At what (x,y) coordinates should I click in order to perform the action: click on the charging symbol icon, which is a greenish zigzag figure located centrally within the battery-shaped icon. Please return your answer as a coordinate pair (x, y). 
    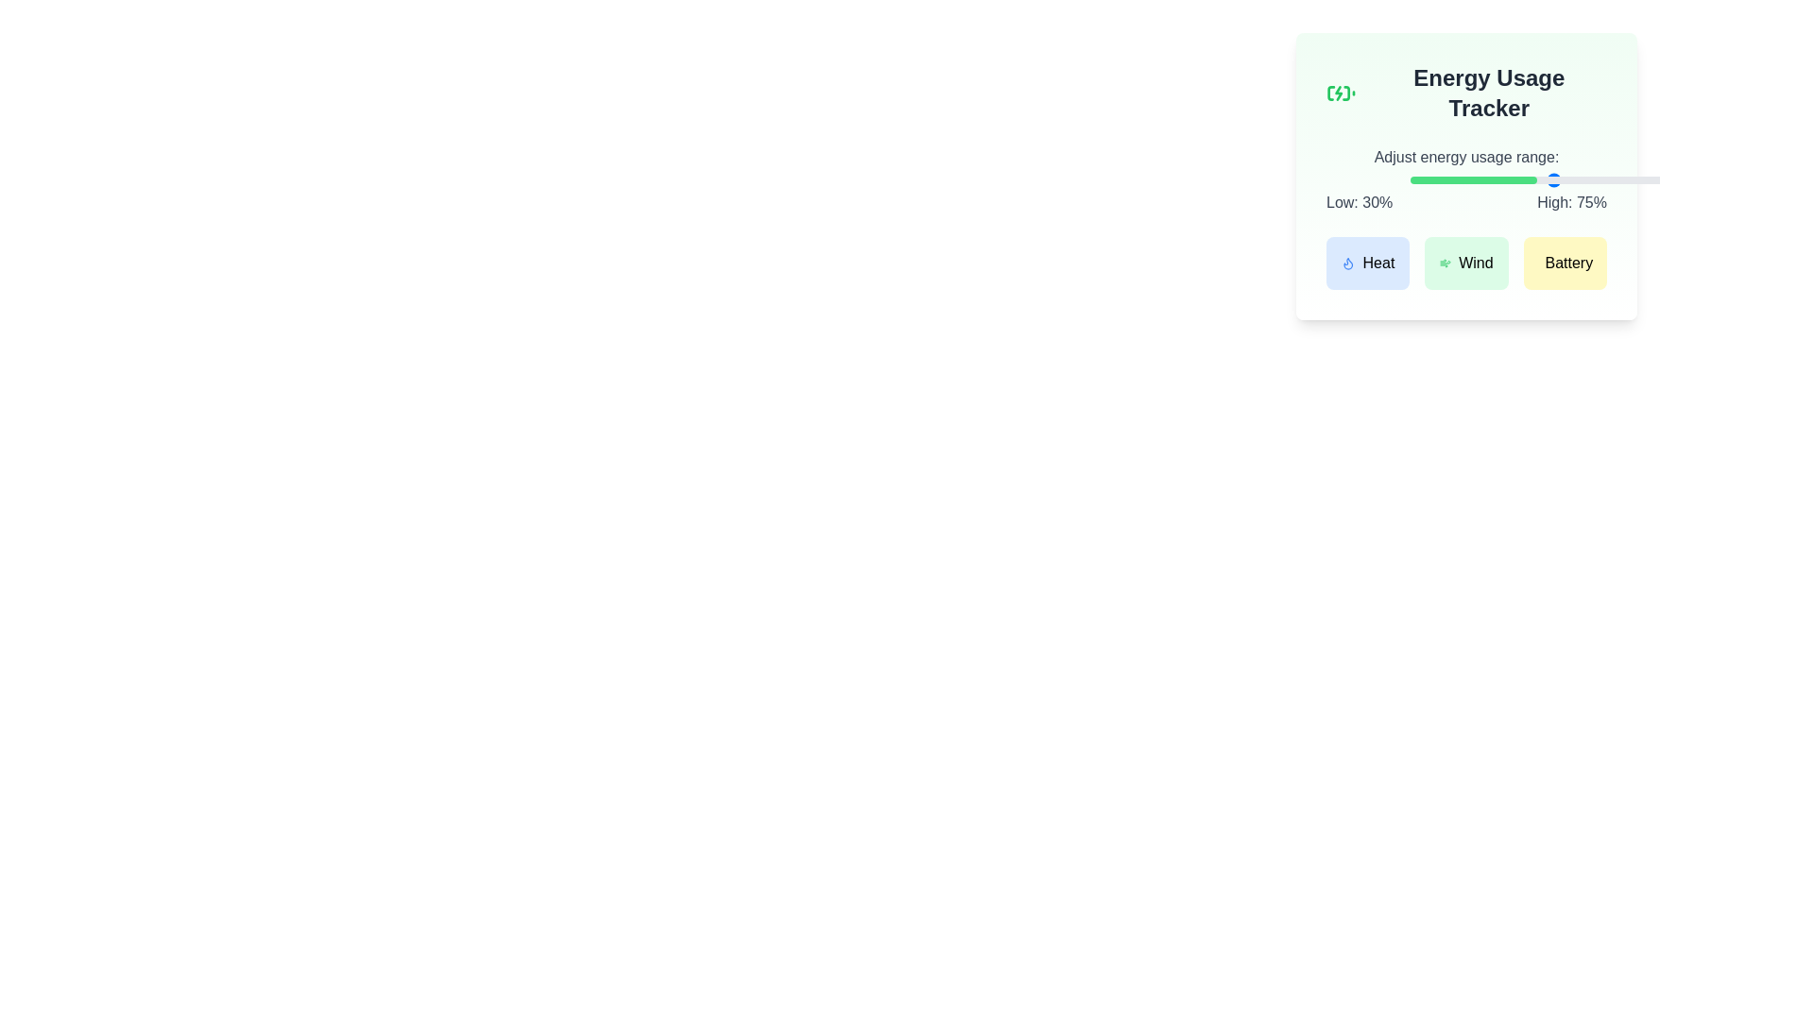
    Looking at the image, I should click on (1338, 93).